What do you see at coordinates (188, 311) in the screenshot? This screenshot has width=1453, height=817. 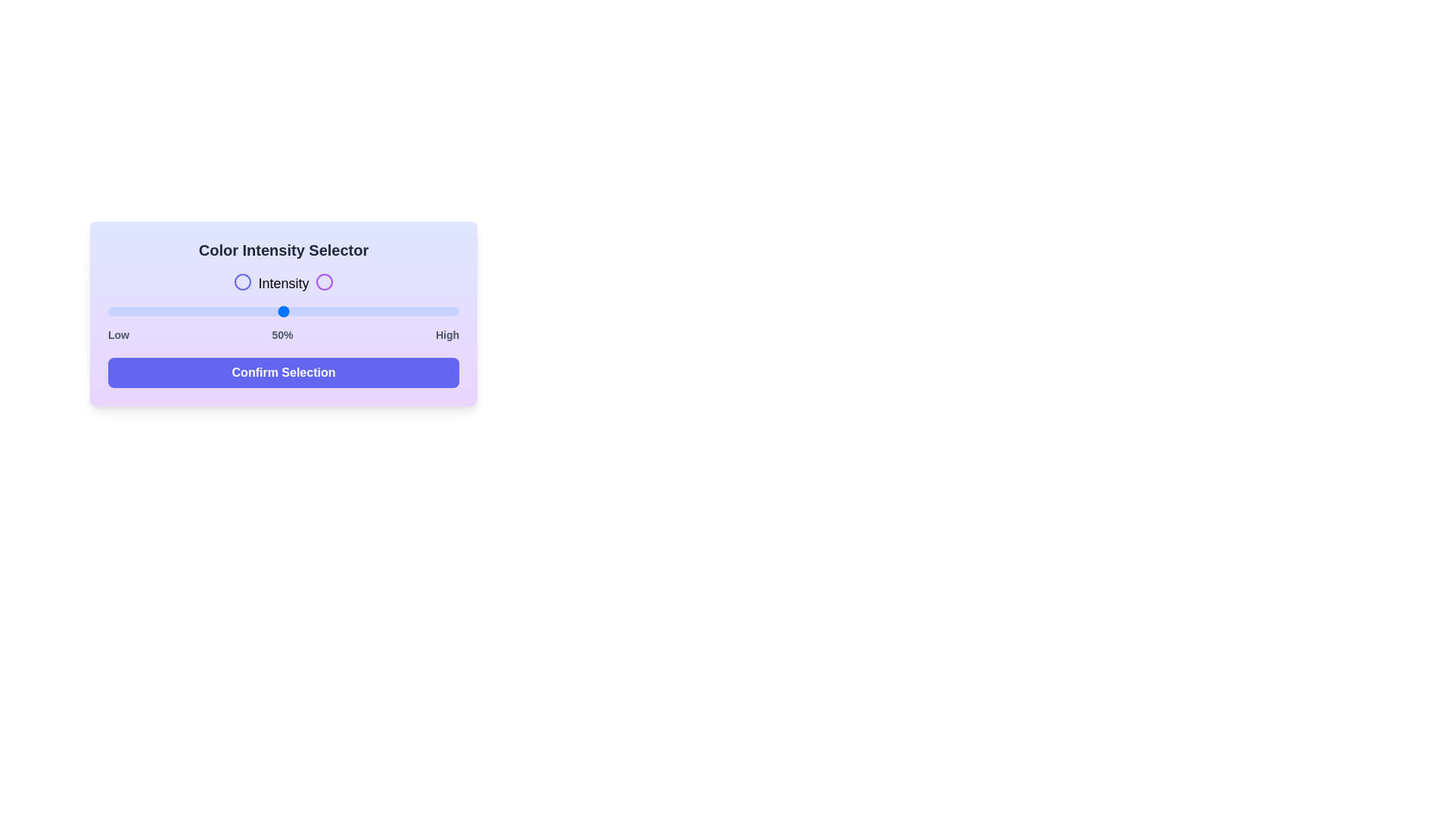 I see `the slider to set the intensity to 23%` at bounding box center [188, 311].